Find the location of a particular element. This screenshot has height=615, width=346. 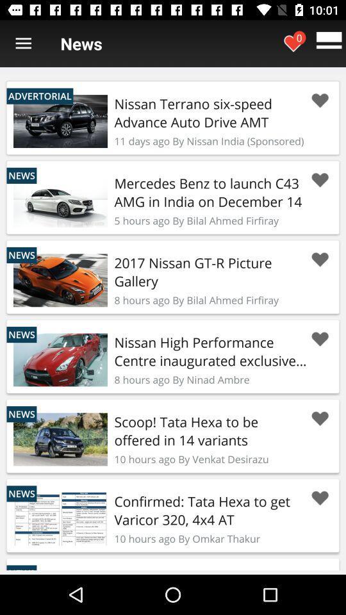

this car is located at coordinates (319, 179).